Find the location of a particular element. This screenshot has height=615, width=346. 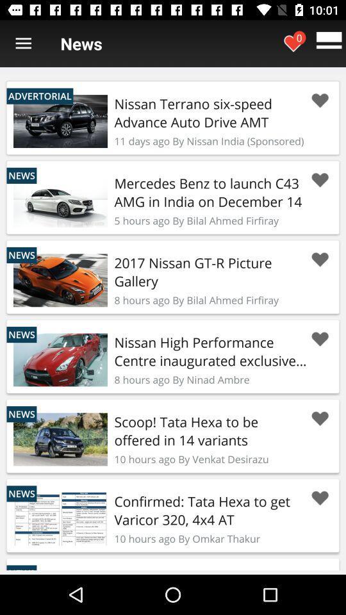

this car is located at coordinates (319, 179).